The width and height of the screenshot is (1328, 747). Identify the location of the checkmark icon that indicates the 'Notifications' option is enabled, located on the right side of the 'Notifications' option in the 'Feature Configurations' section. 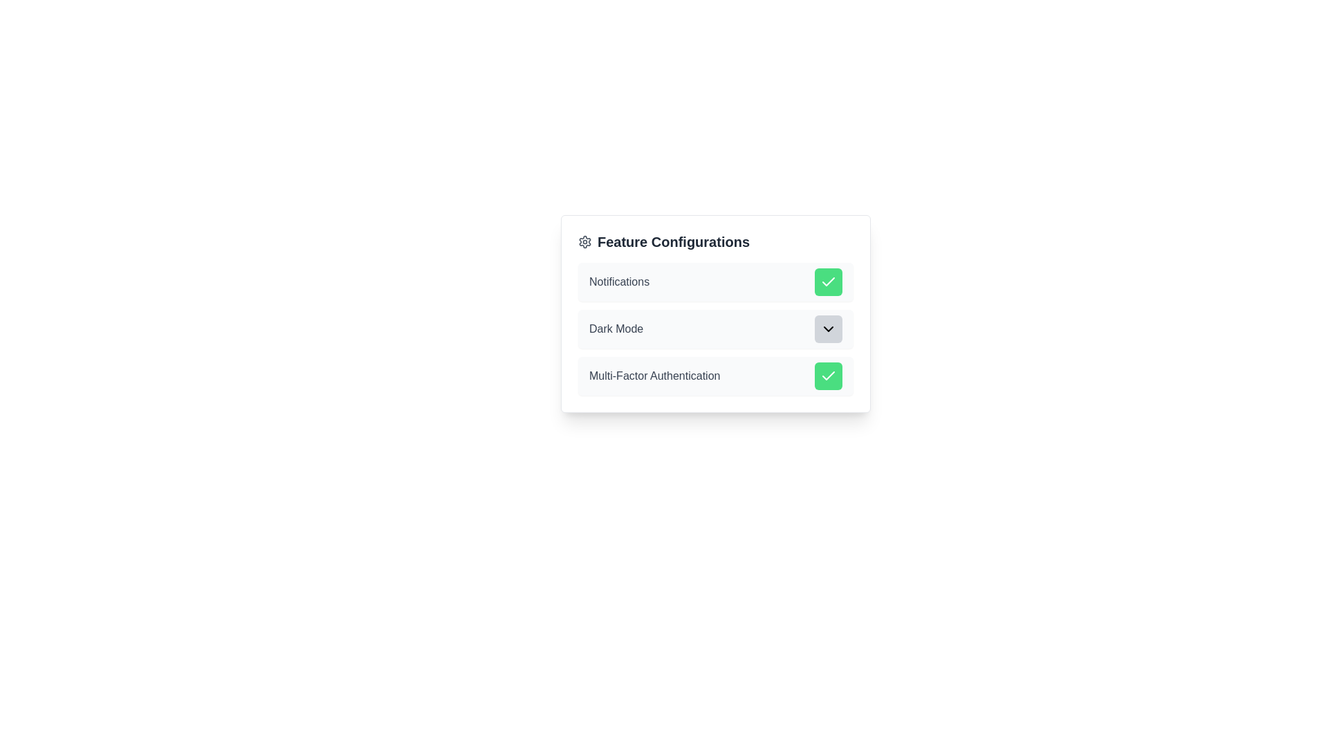
(829, 282).